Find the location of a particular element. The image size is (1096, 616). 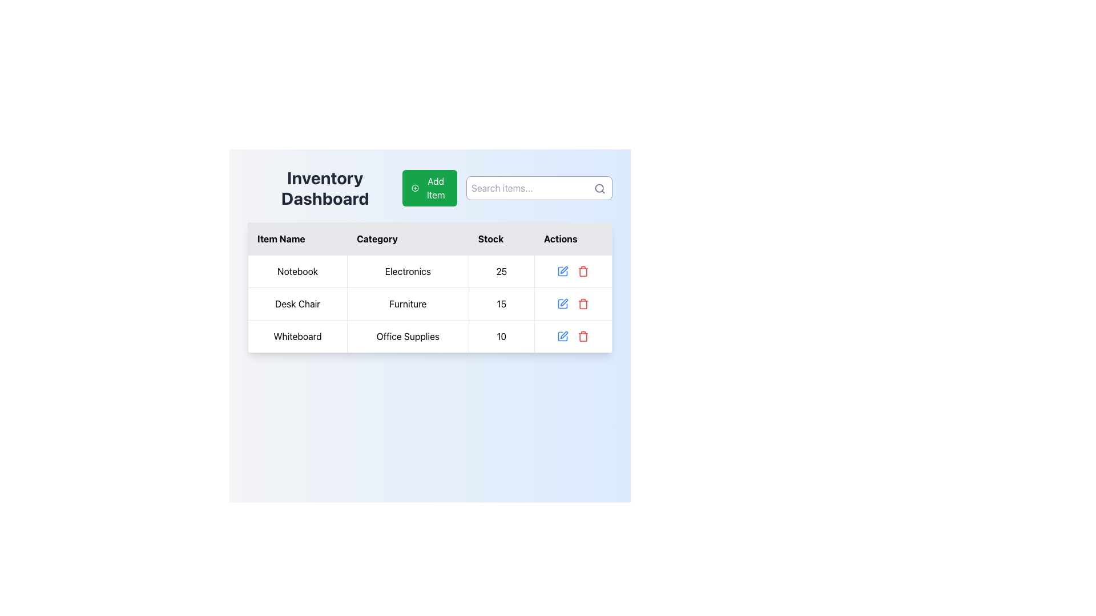

the Icon Button located in the 'Actions' section of the second row in the table to invoke the editing functionality for the corresponding item is located at coordinates (563, 303).